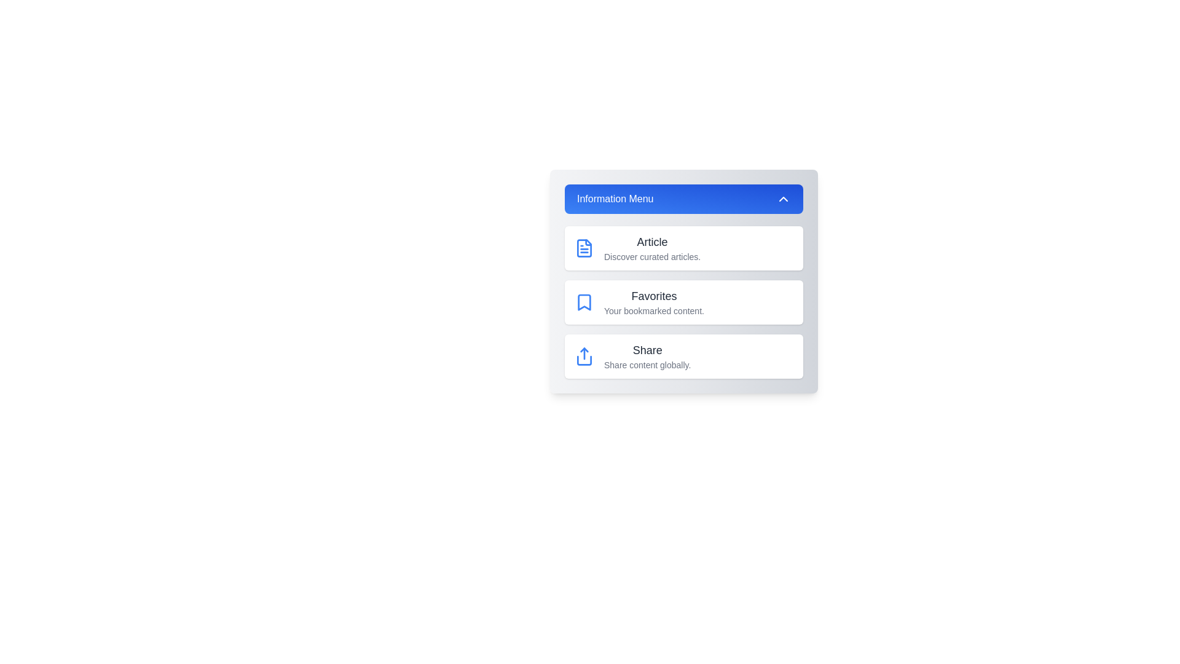 The height and width of the screenshot is (664, 1180). What do you see at coordinates (583, 356) in the screenshot?
I see `the menu item corresponding to Share by clicking on its icon` at bounding box center [583, 356].